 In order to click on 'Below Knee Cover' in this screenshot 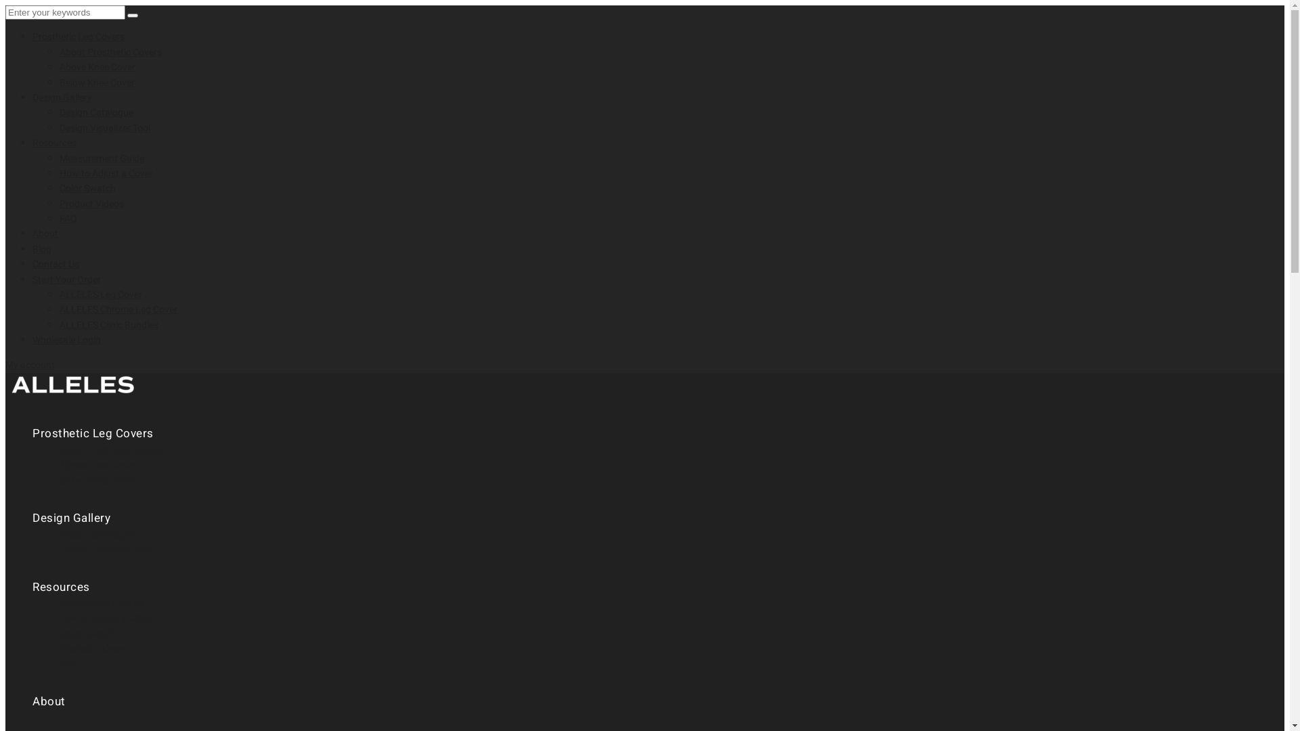, I will do `click(96, 83)`.